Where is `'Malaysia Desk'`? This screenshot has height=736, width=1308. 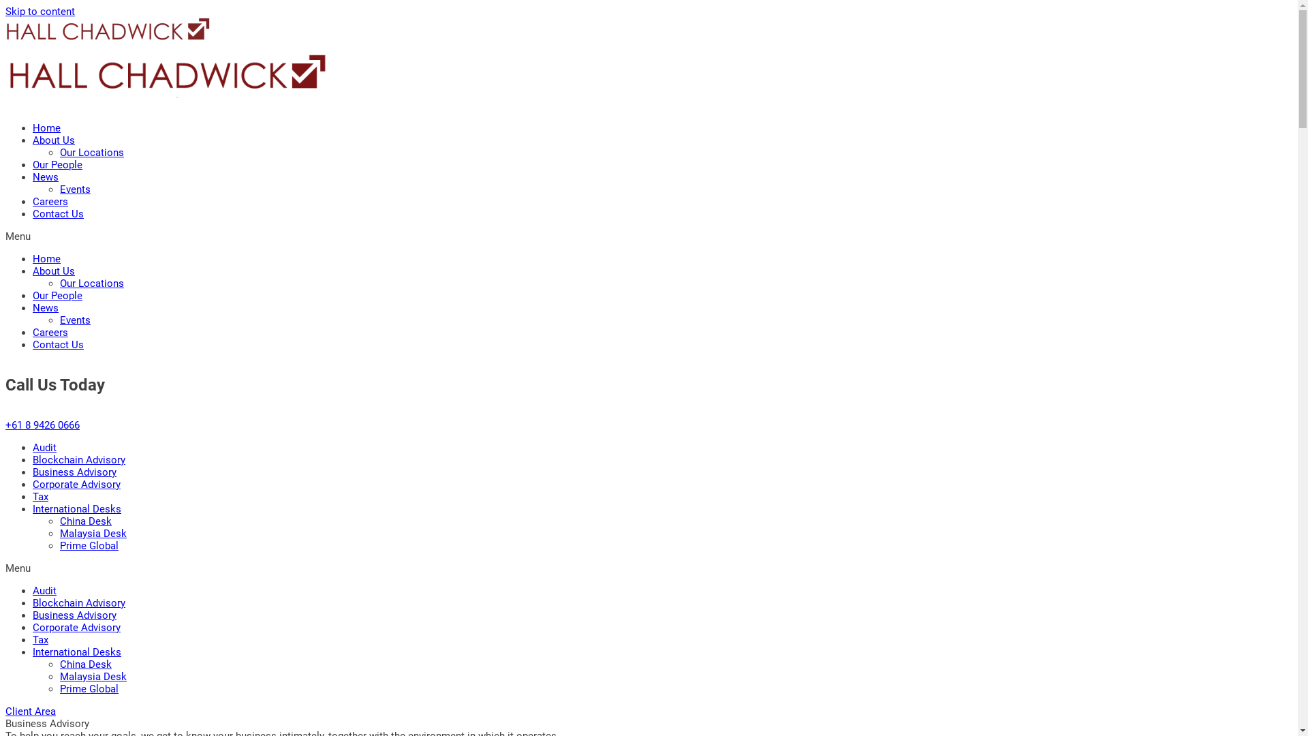
'Malaysia Desk' is located at coordinates (93, 676).